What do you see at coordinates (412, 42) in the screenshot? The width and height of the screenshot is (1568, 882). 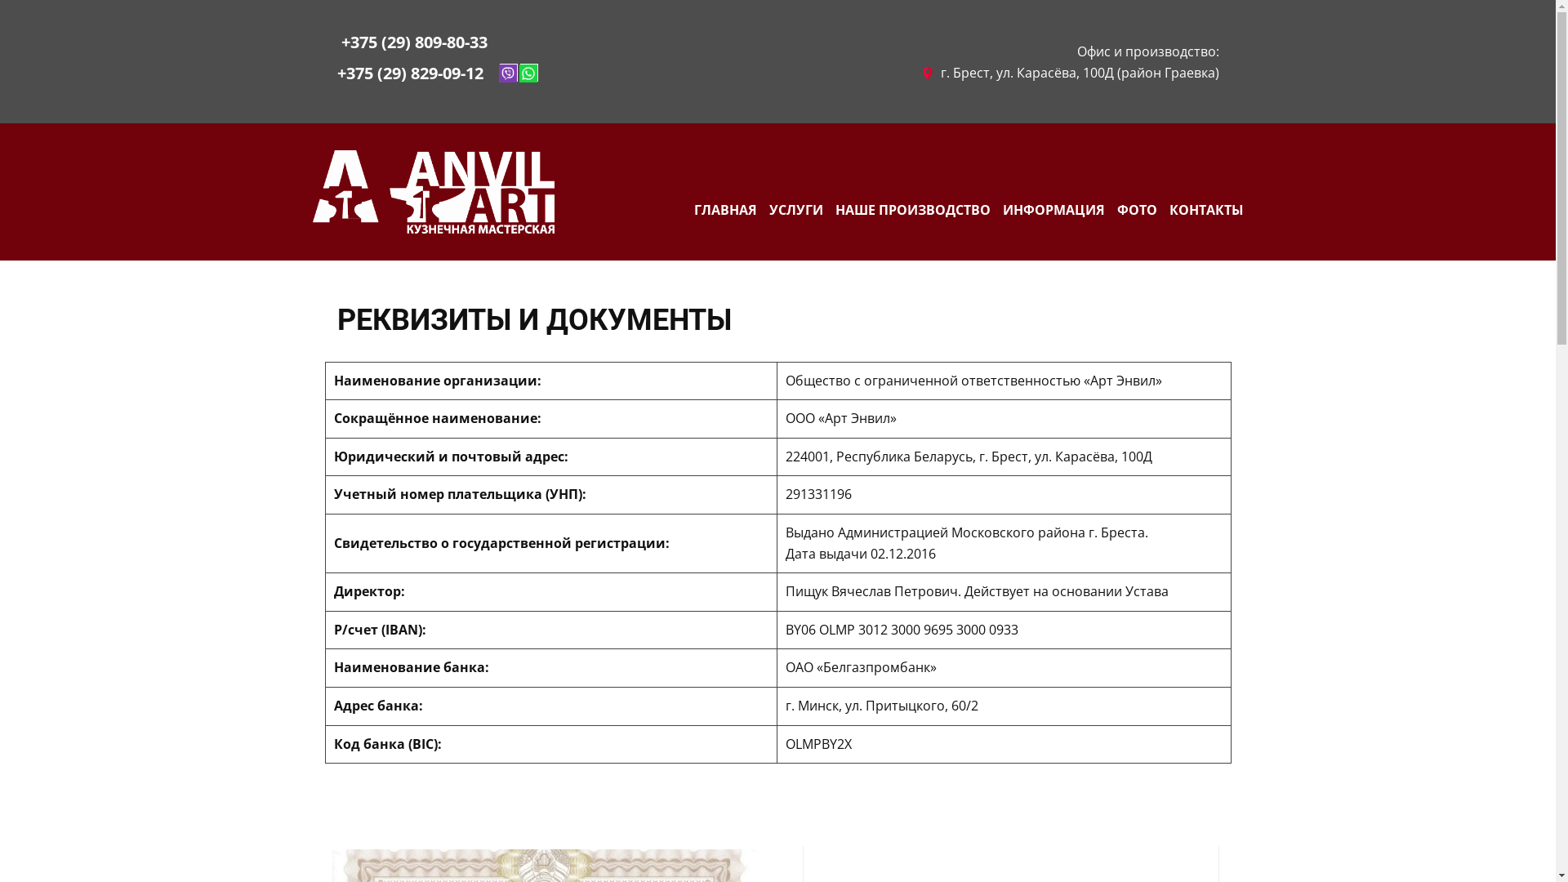 I see `' +375 (29) 809-80-33'` at bounding box center [412, 42].